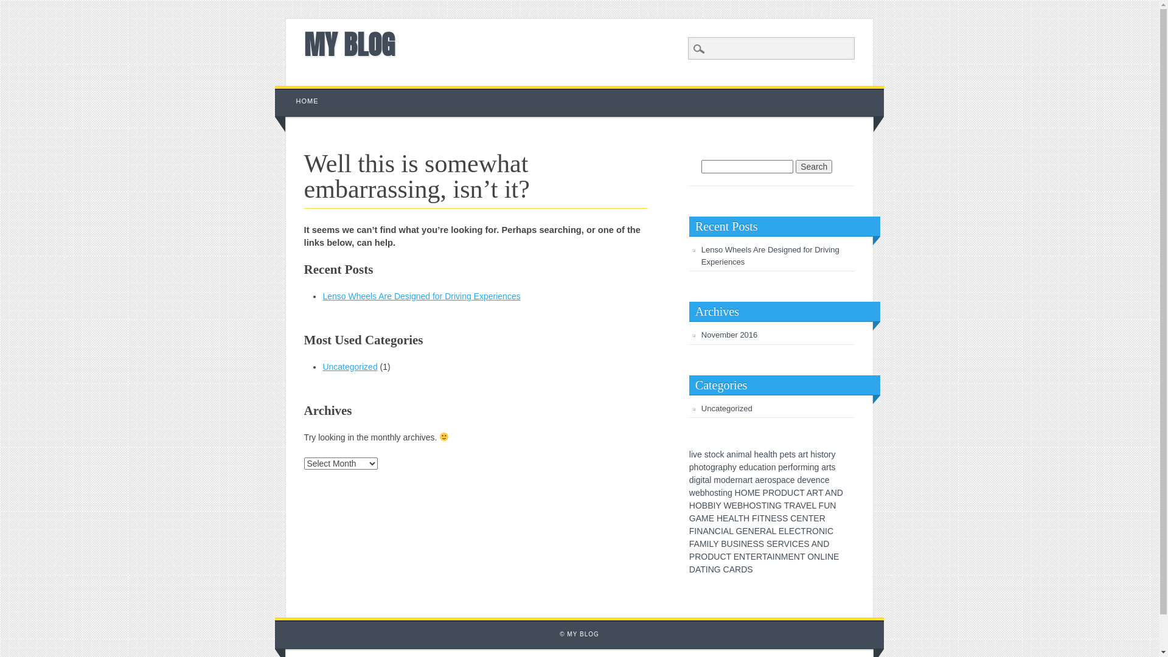 Image resolution: width=1168 pixels, height=657 pixels. I want to click on 'HOME', so click(283, 100).